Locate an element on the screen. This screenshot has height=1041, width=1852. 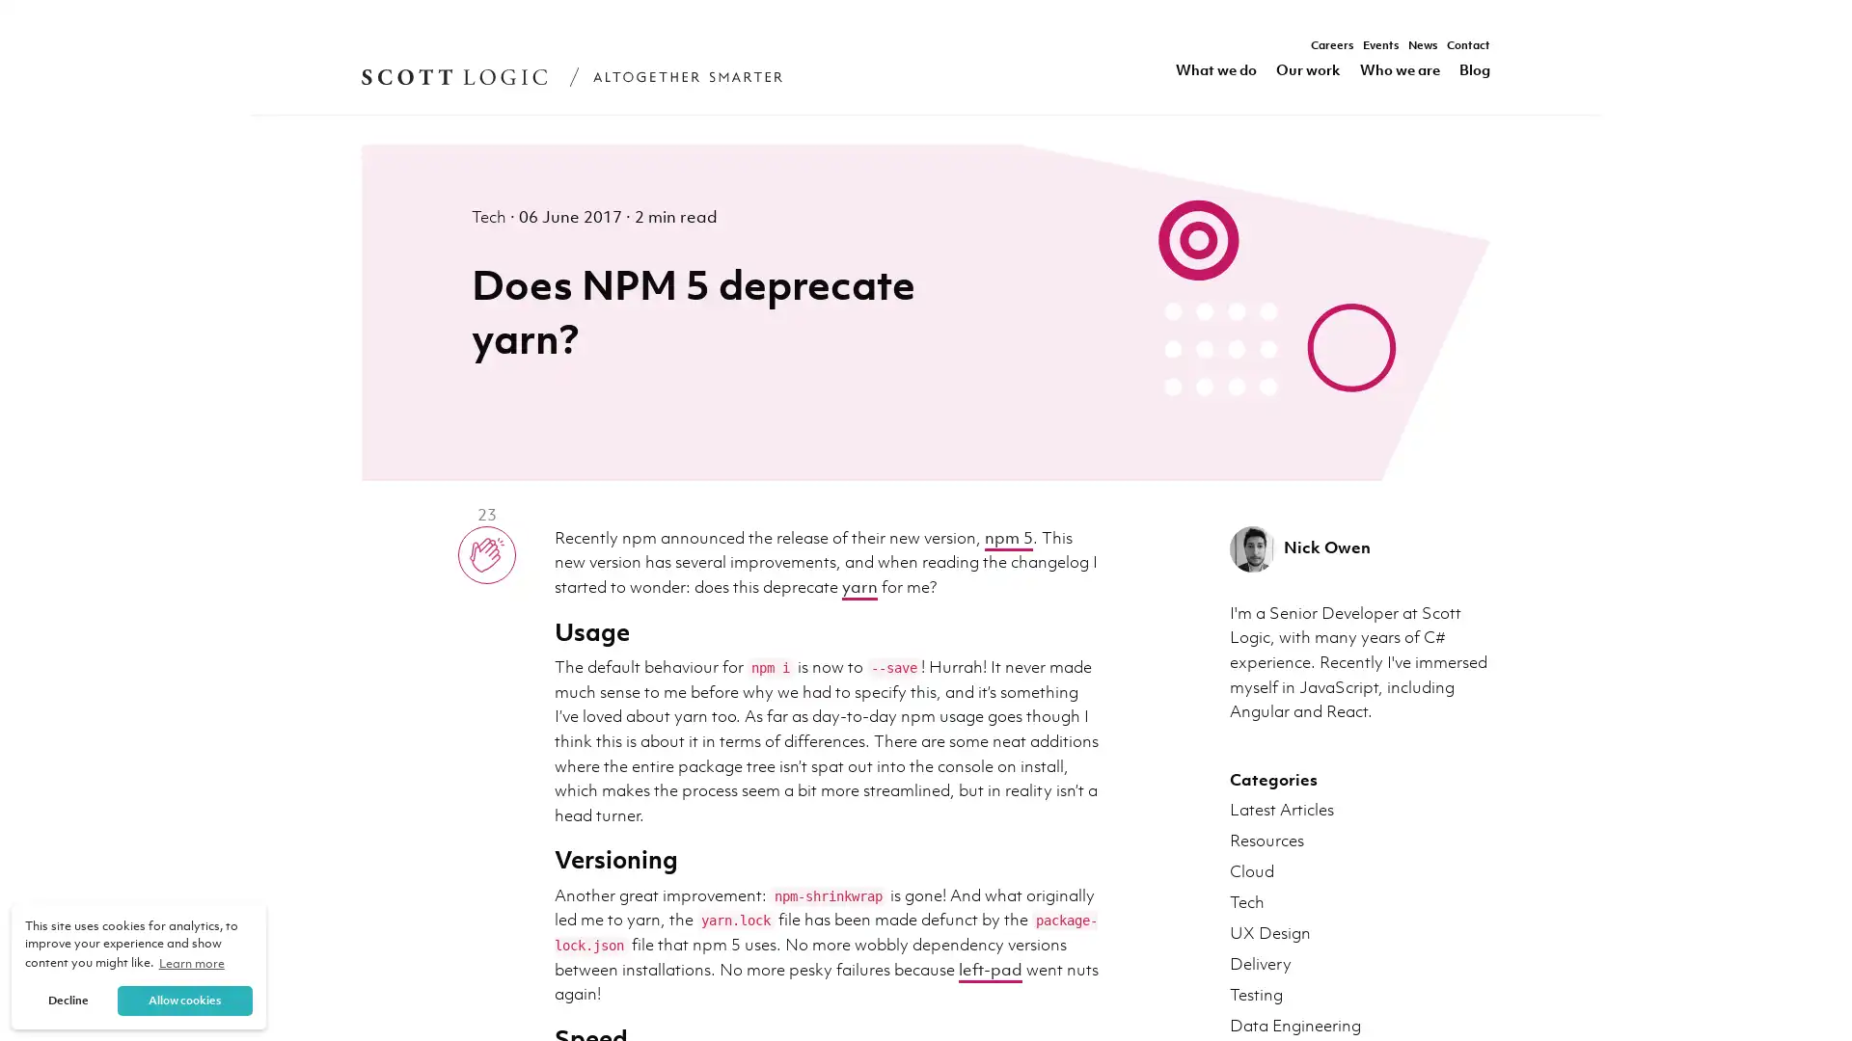
allow cookies is located at coordinates (184, 999).